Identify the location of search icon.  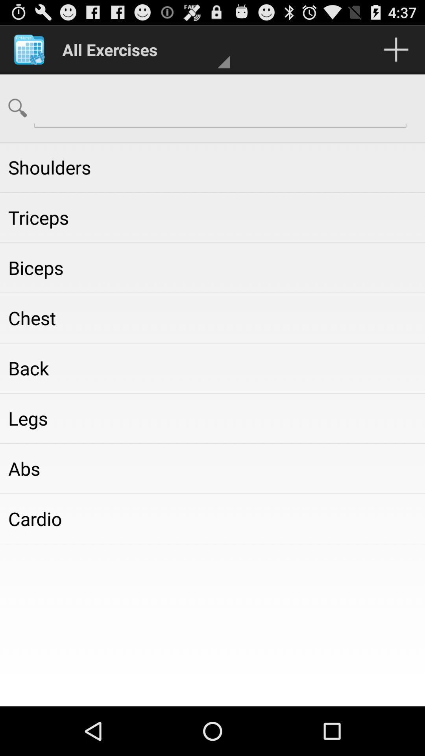
(18, 107).